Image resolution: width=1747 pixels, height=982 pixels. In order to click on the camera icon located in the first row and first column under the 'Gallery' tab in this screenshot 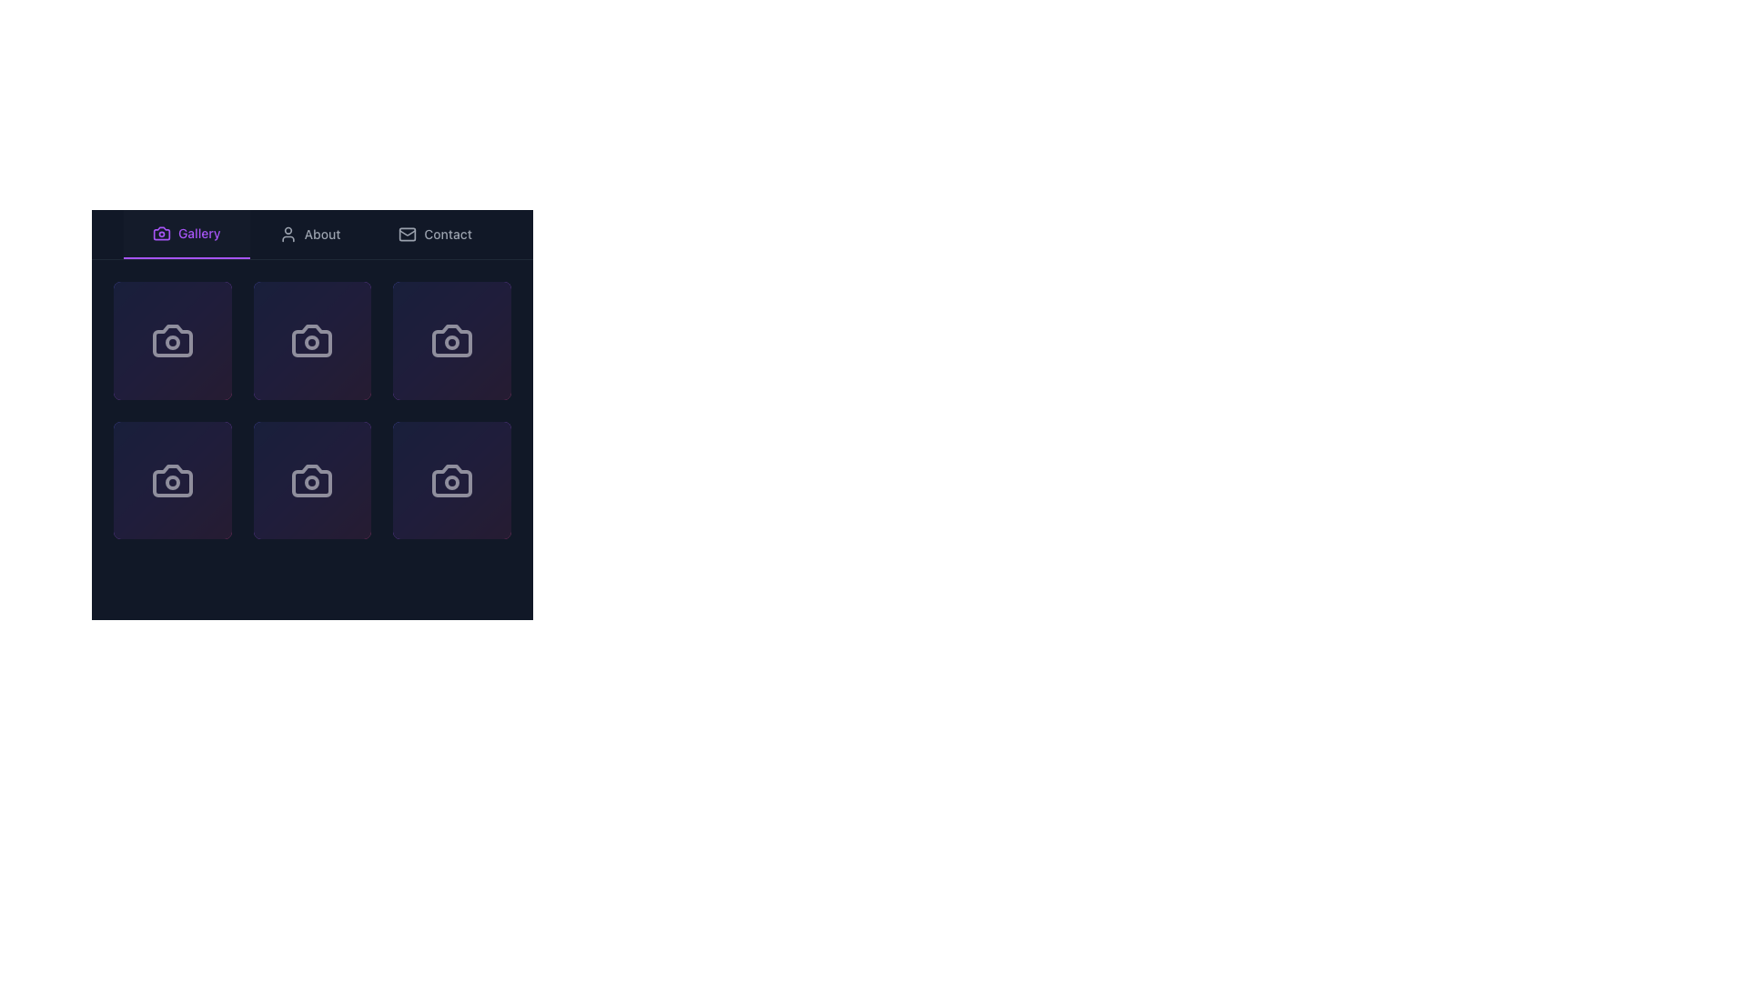, I will do `click(172, 340)`.